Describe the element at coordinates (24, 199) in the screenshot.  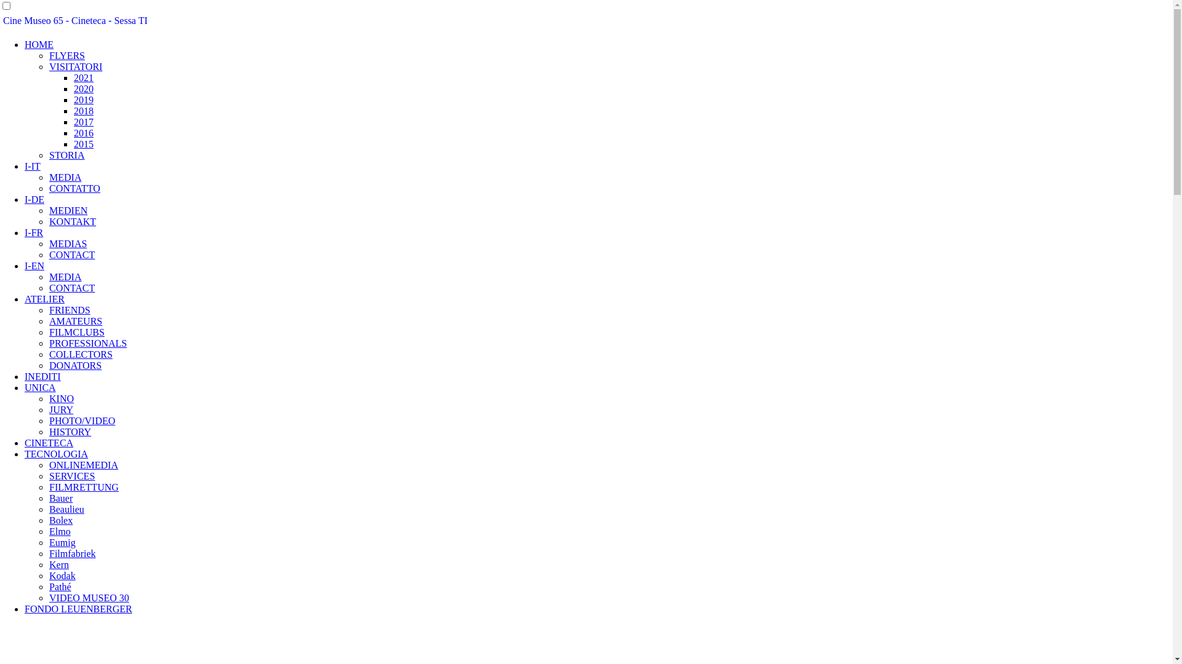
I see `'I-DE'` at that location.